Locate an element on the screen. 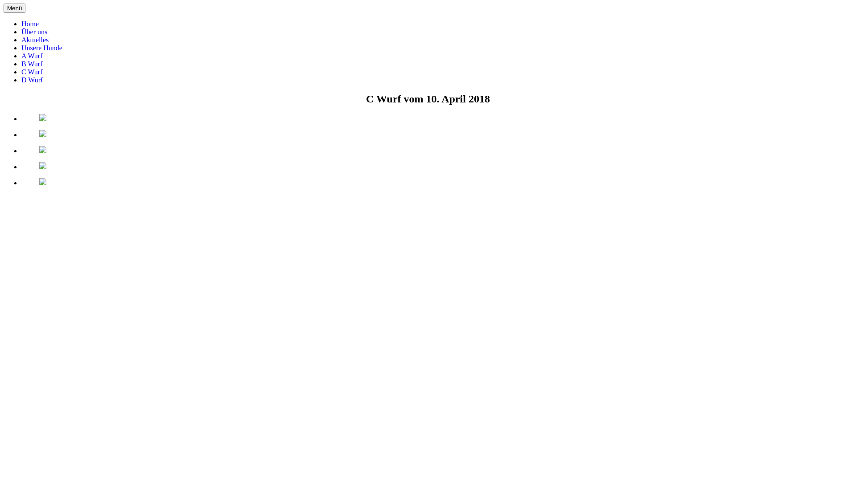 This screenshot has height=481, width=856. 'Unsere Hunde' is located at coordinates (41, 48).